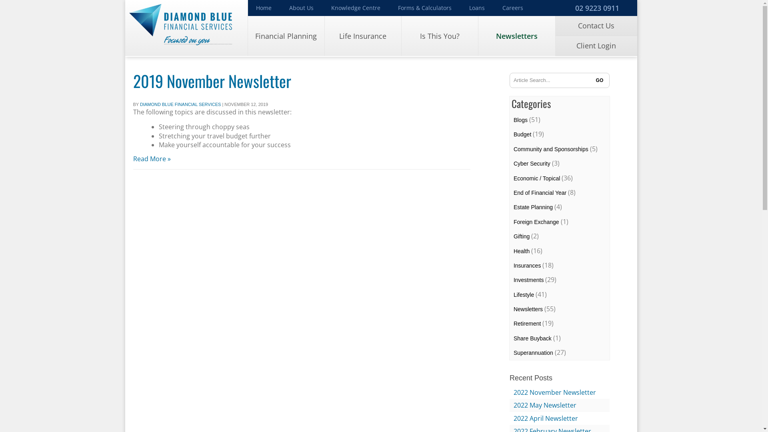  Describe the element at coordinates (596, 8) in the screenshot. I see `'02 9223 0911'` at that location.